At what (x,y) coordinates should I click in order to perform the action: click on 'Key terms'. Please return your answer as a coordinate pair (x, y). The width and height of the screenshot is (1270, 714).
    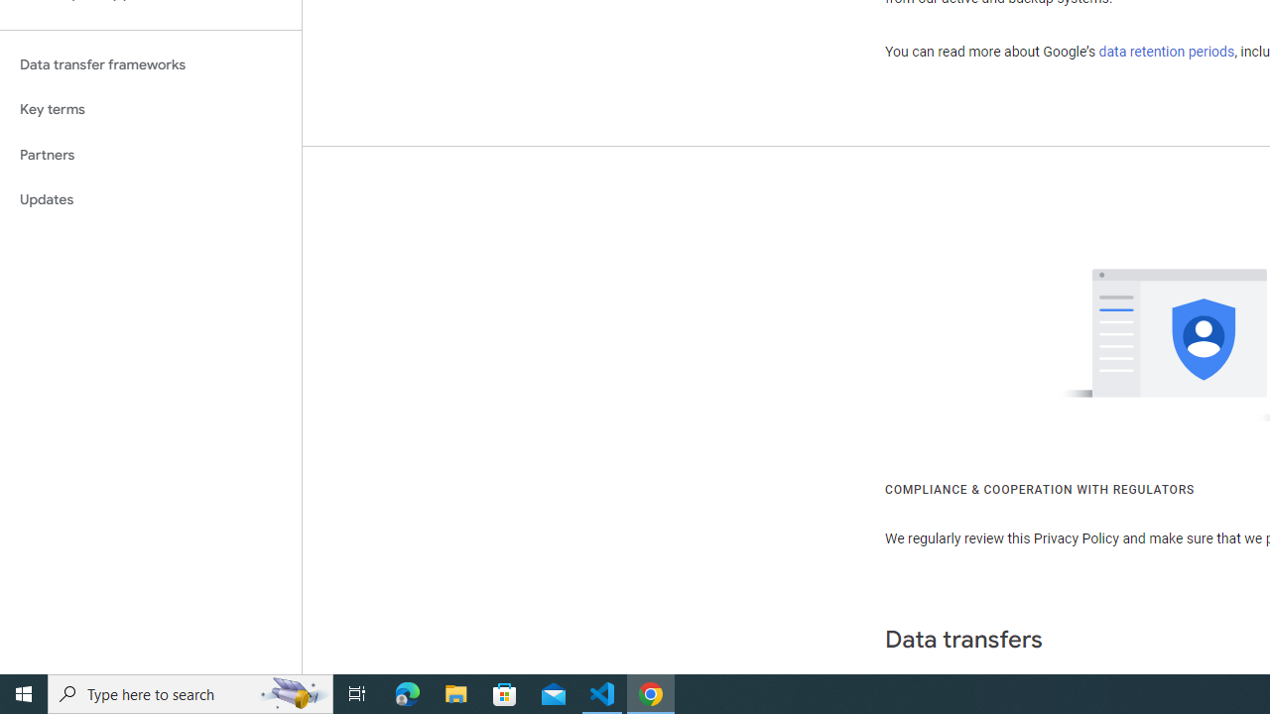
    Looking at the image, I should click on (150, 109).